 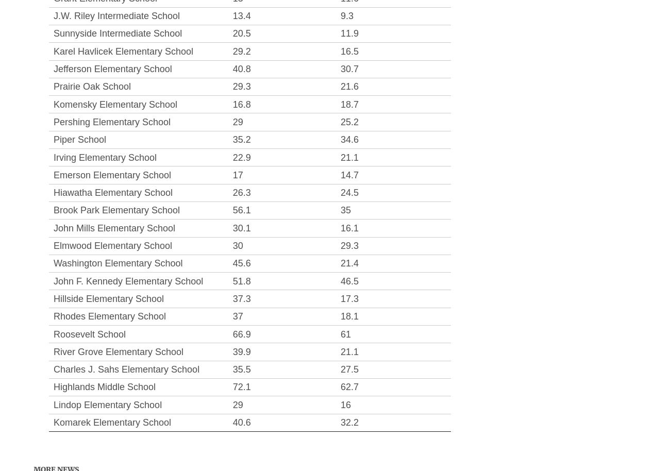 What do you see at coordinates (241, 51) in the screenshot?
I see `'29.2'` at bounding box center [241, 51].